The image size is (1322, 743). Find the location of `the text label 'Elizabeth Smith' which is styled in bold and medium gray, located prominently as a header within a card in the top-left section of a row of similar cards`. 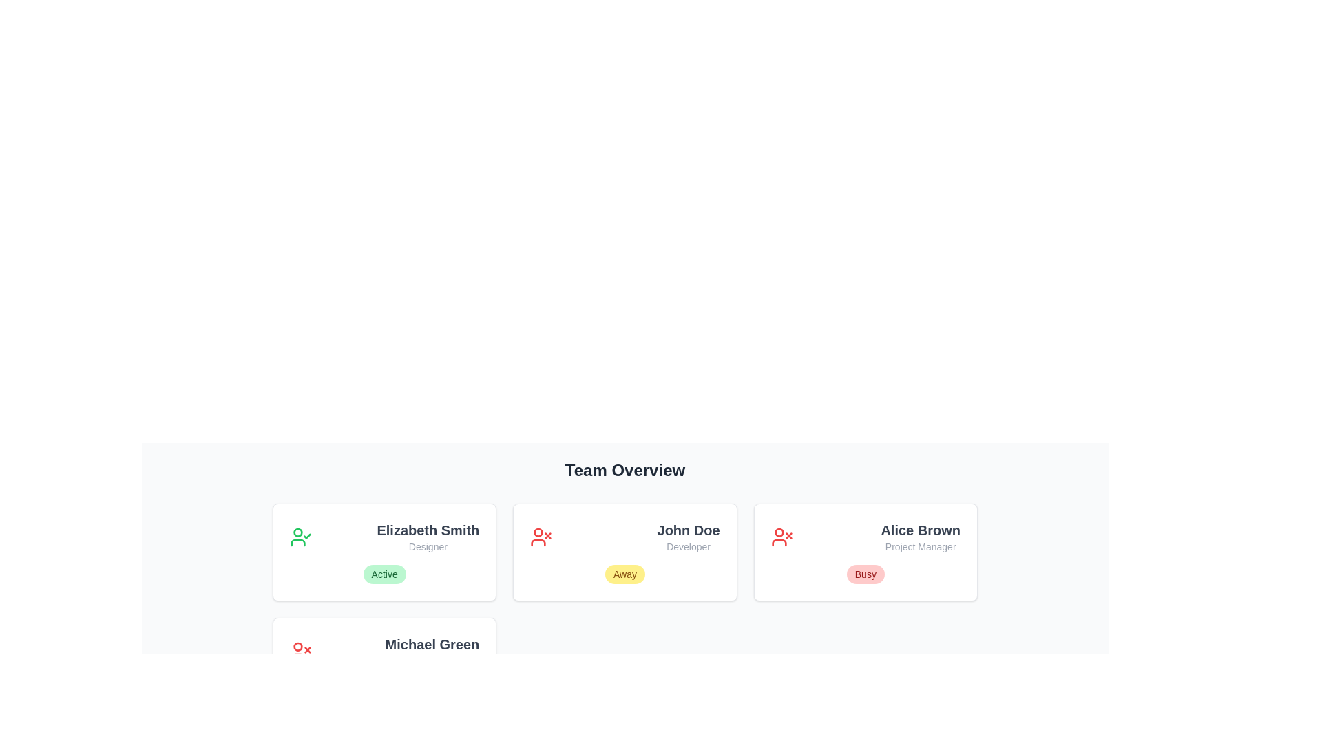

the text label 'Elizabeth Smith' which is styled in bold and medium gray, located prominently as a header within a card in the top-left section of a row of similar cards is located at coordinates (427, 530).